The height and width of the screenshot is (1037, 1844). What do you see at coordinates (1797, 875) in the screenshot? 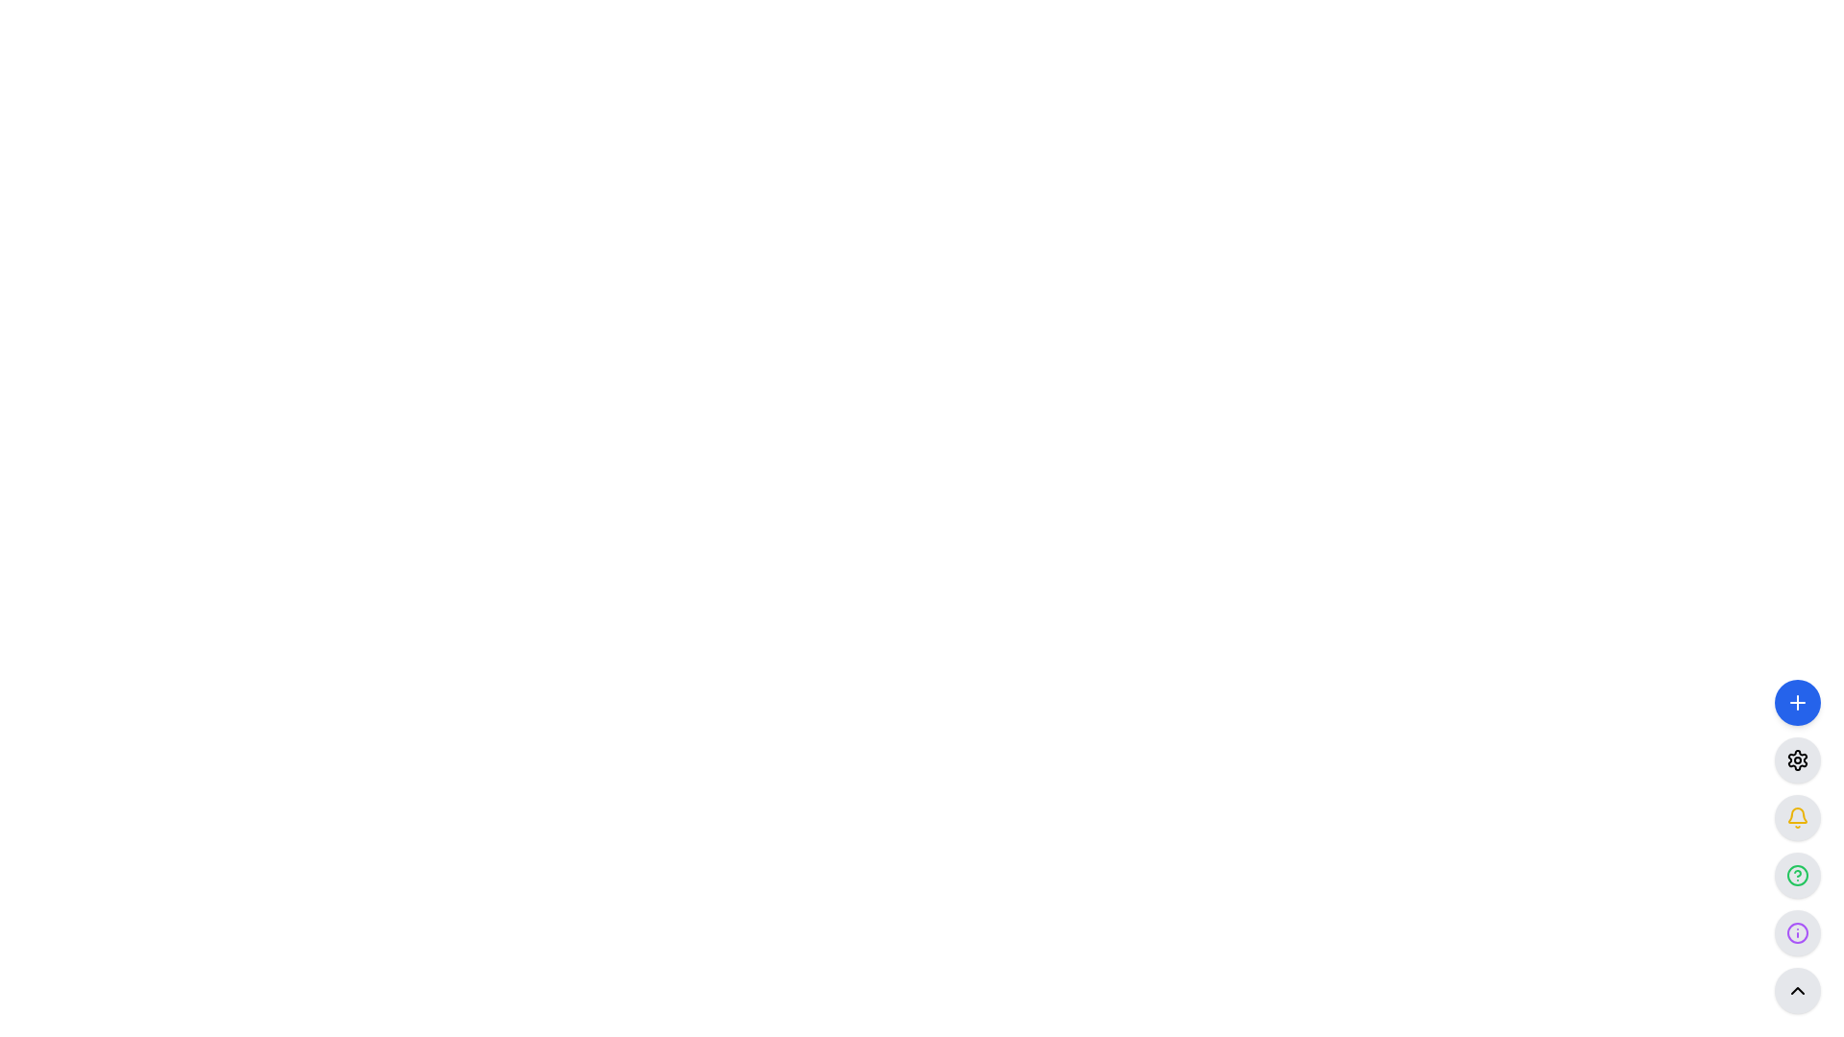
I see `the fourth circular button in a vertical stack on the right side of the interface` at bounding box center [1797, 875].